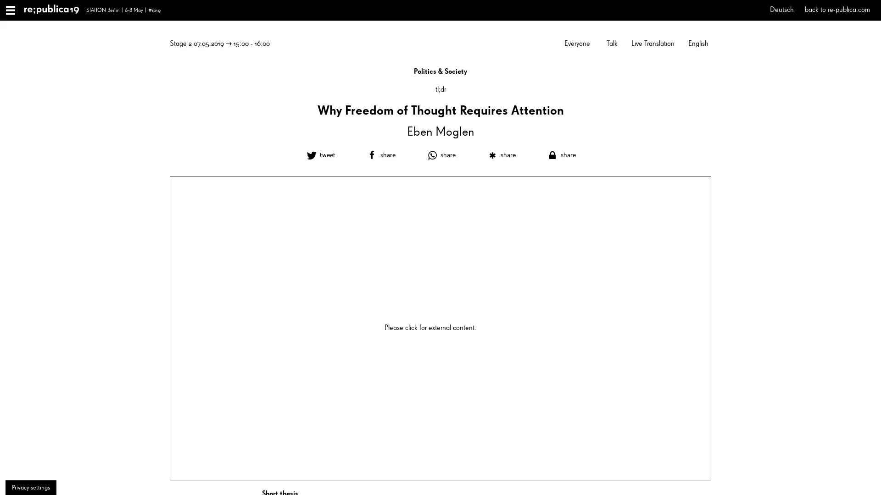 This screenshot has width=881, height=495. Describe the element at coordinates (560, 155) in the screenshot. I see `Share on Threema` at that location.